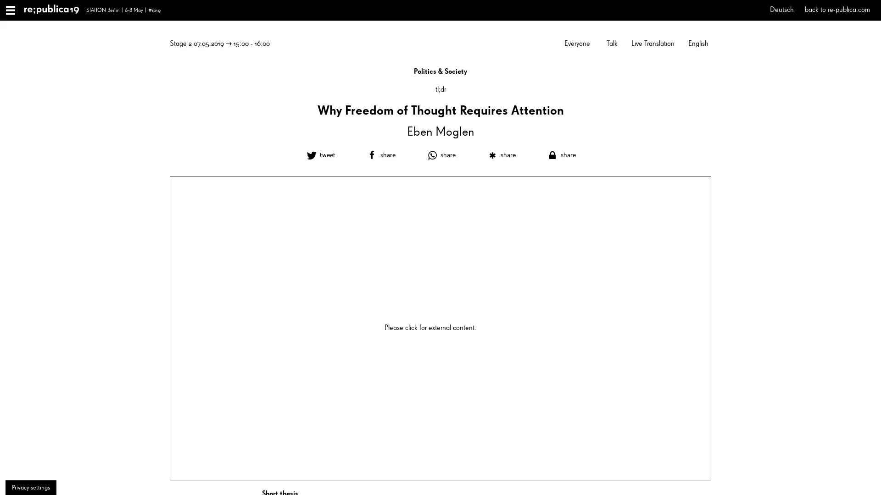 This screenshot has width=881, height=495. Describe the element at coordinates (560, 155) in the screenshot. I see `Share on Threema` at that location.